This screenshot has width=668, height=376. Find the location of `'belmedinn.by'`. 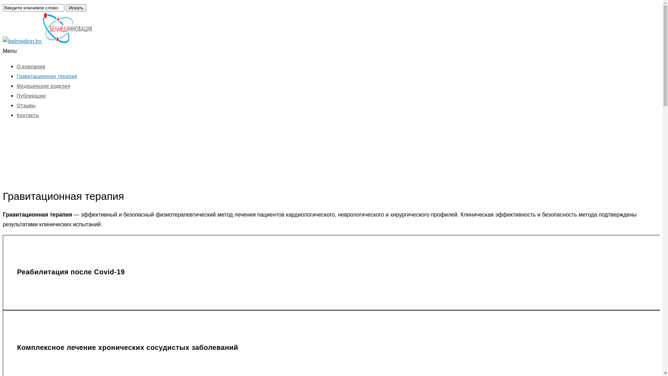

'belmedinn.by' is located at coordinates (22, 41).